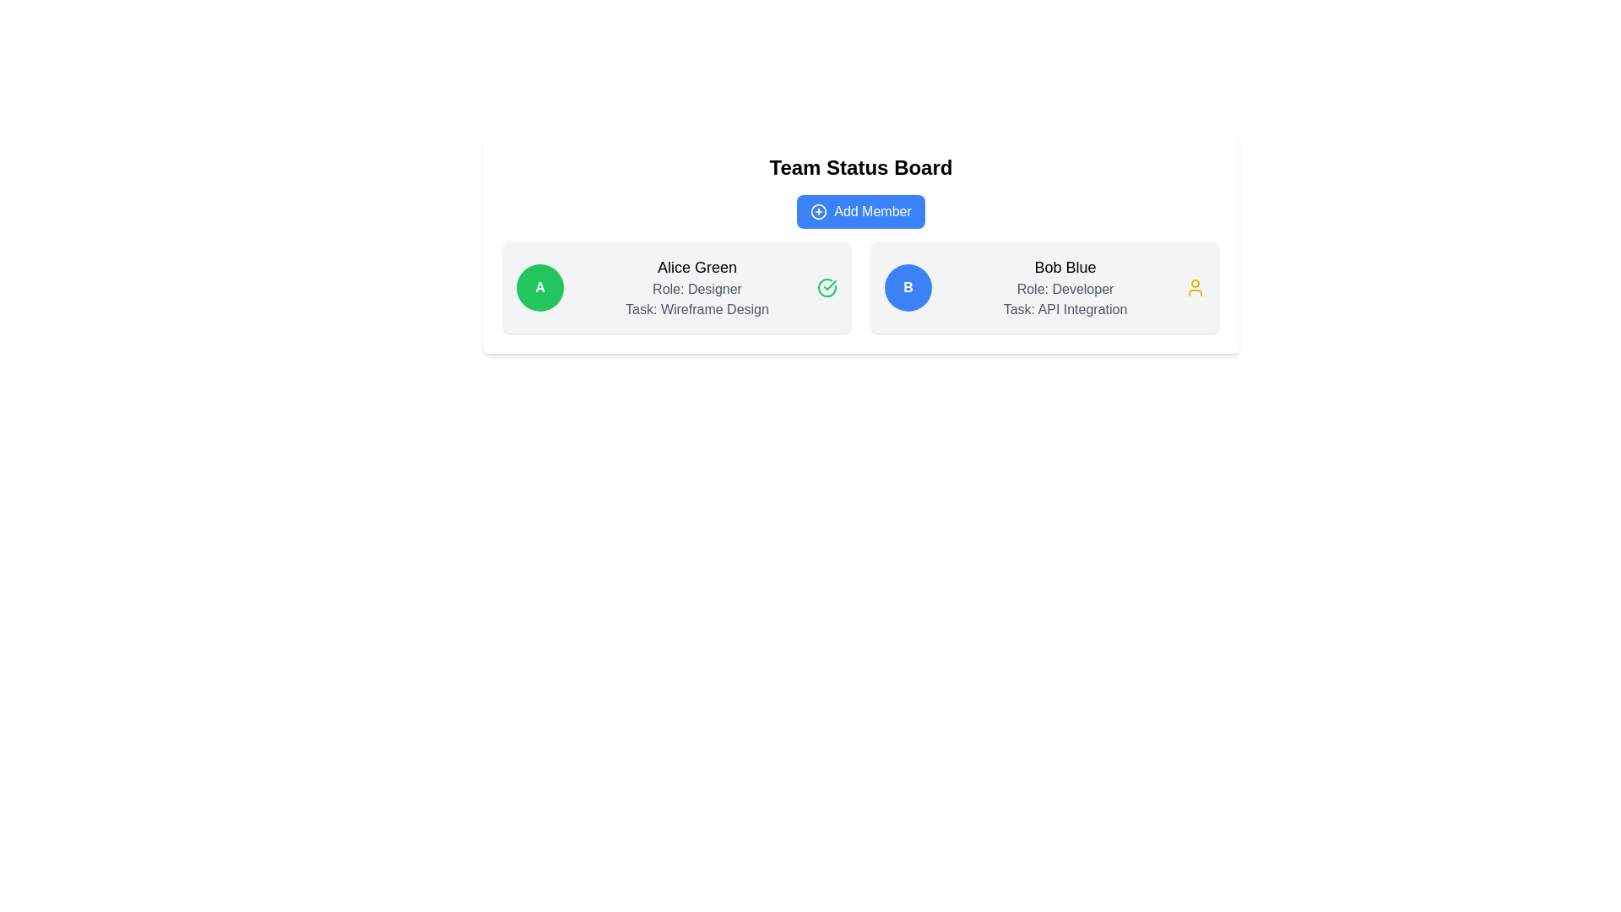  Describe the element at coordinates (818, 210) in the screenshot. I see `the circular icon with a plus sign at its center, located in the blue button labeled 'Add Member'` at that location.